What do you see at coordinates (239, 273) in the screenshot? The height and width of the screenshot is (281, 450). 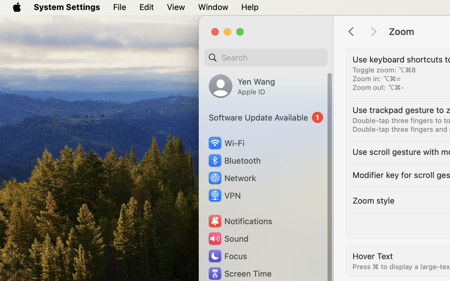 I see `'Screen Time'` at bounding box center [239, 273].